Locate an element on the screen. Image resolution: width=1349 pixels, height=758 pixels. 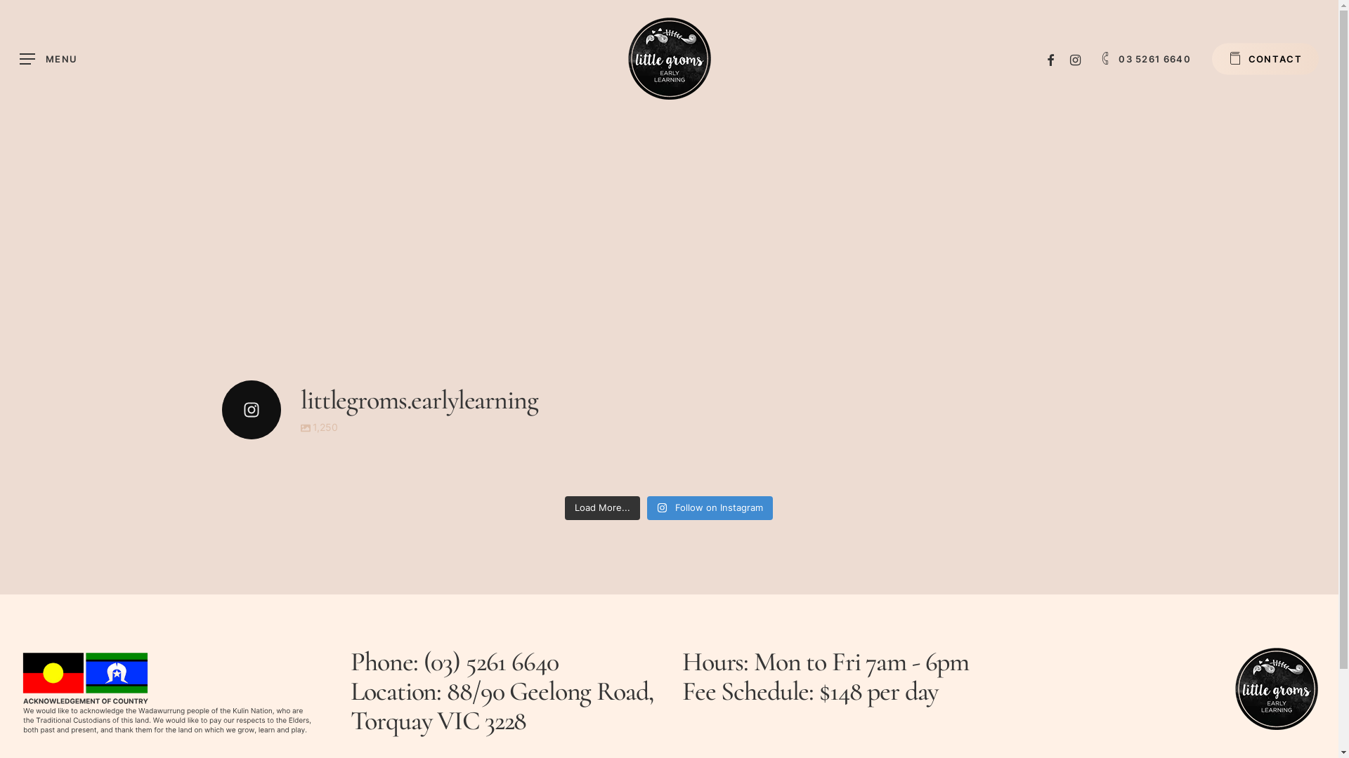
'88/90 Geelong Road, Torquay VIC 3228' is located at coordinates (502, 706).